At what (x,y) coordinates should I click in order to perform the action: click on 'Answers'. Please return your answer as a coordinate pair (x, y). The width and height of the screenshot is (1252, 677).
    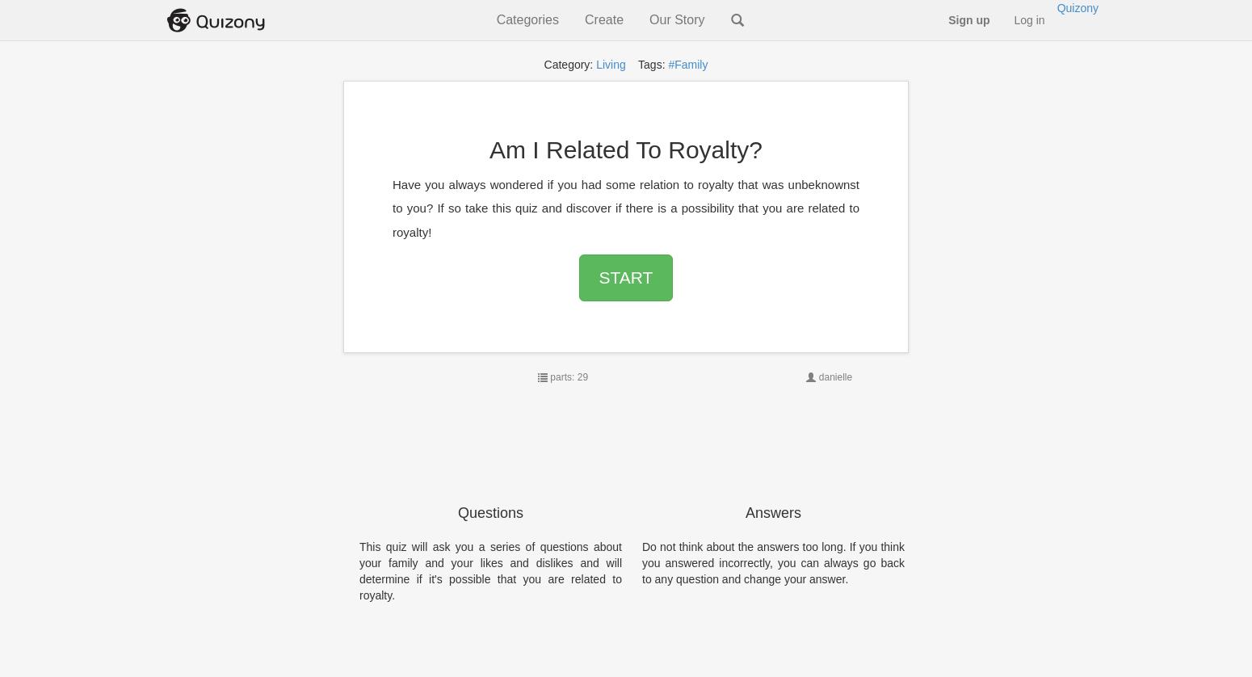
    Looking at the image, I should click on (771, 512).